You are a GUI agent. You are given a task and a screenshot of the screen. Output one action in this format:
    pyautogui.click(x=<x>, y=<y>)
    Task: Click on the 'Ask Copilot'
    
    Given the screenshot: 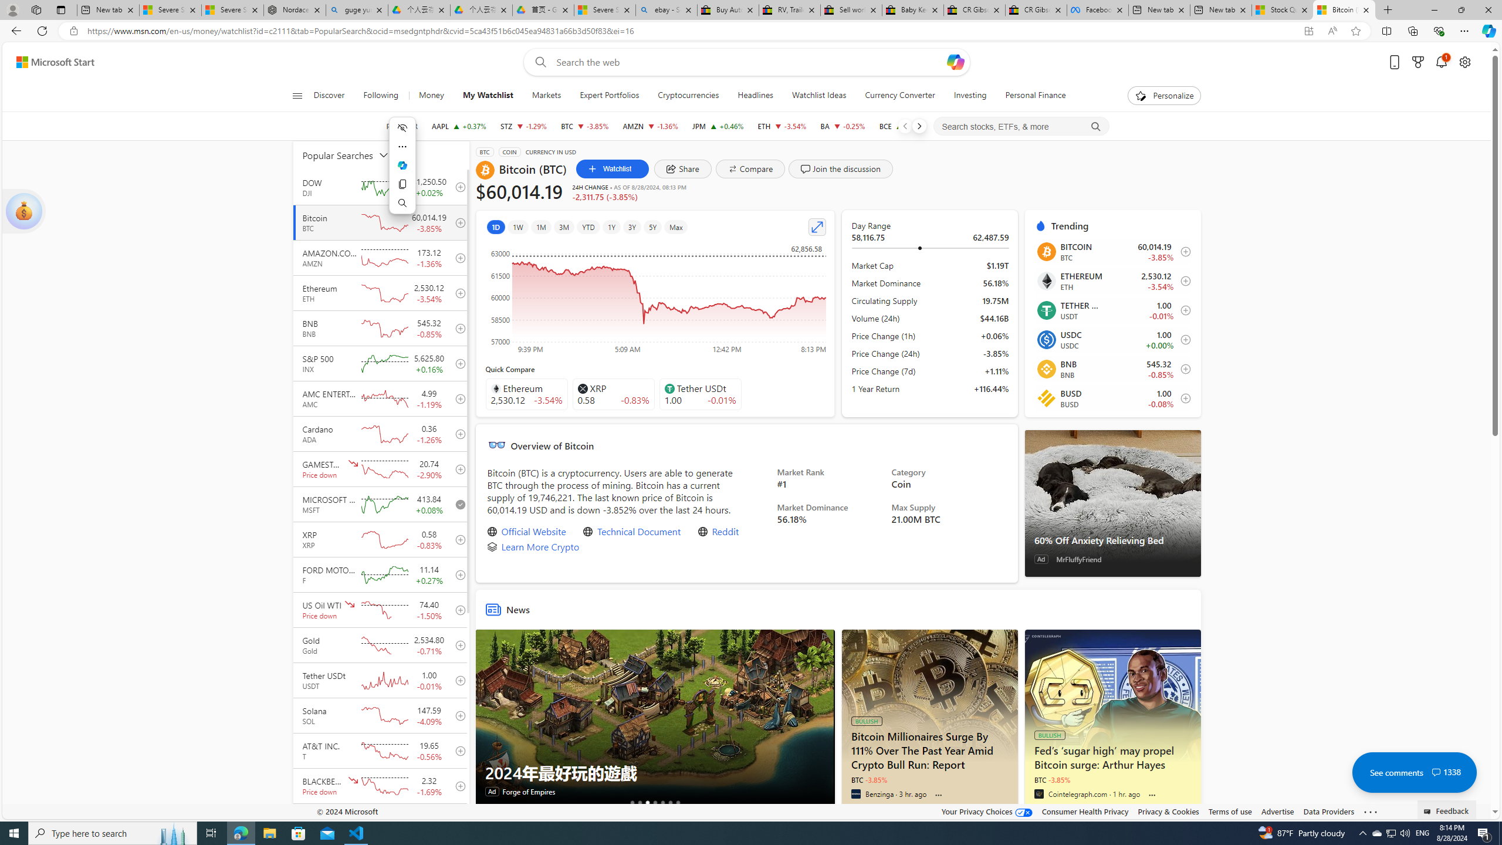 What is the action you would take?
    pyautogui.click(x=402, y=165)
    